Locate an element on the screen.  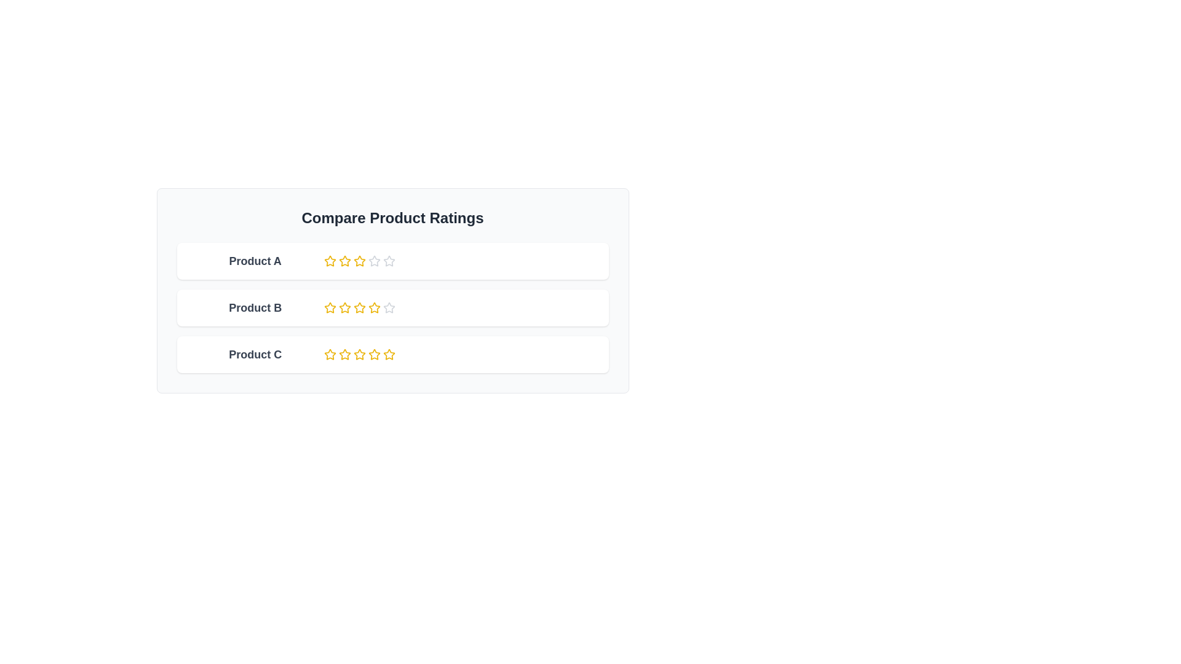
text content of the bold and large-sized text label that reads 'Product B', which is styled in dark gray and positioned as the second item in a vertical list of product entries is located at coordinates (255, 307).